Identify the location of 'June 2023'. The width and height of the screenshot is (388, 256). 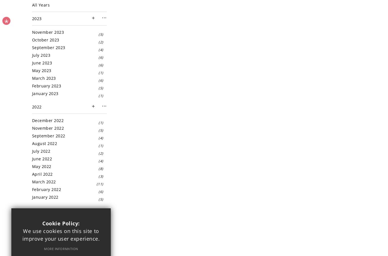
(41, 62).